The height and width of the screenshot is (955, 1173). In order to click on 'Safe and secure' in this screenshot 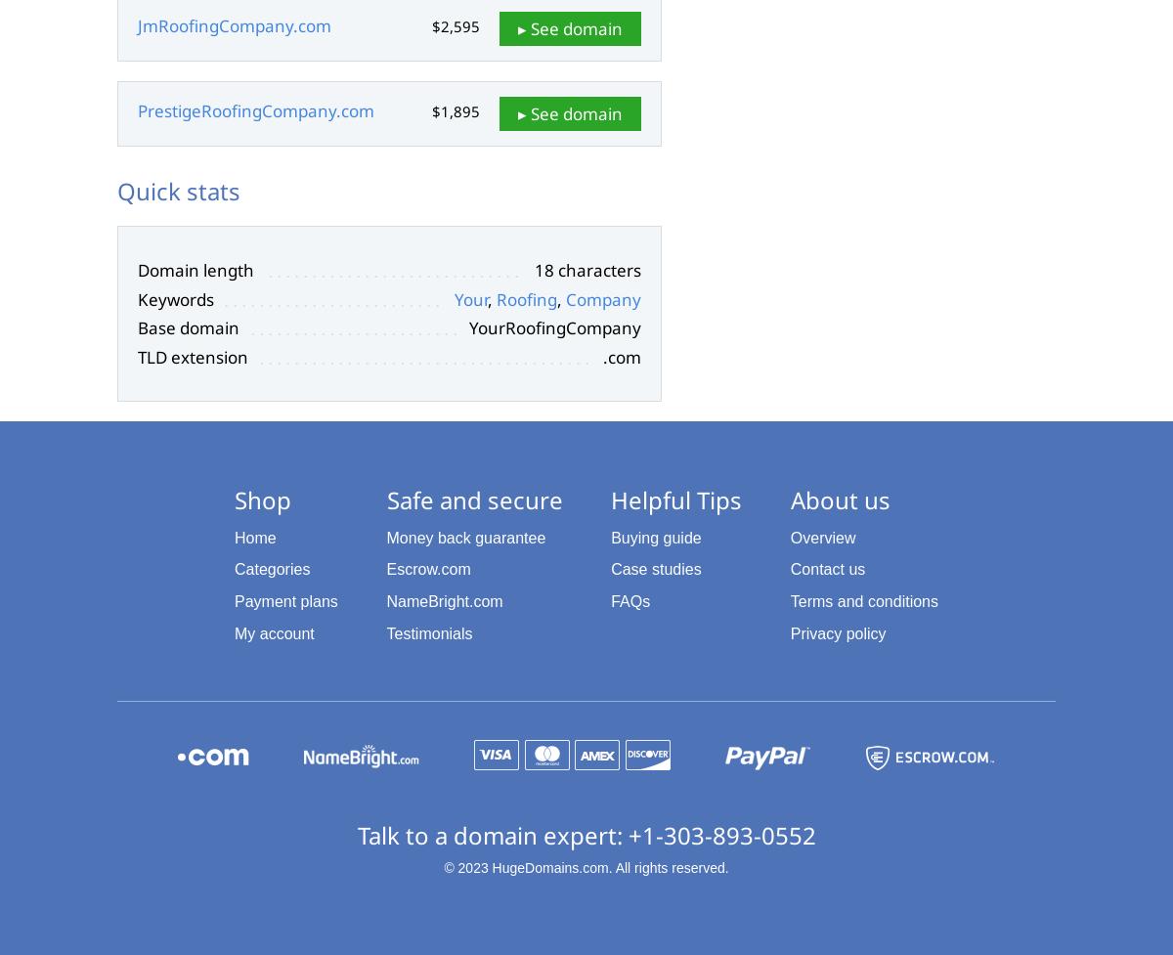, I will do `click(473, 499)`.